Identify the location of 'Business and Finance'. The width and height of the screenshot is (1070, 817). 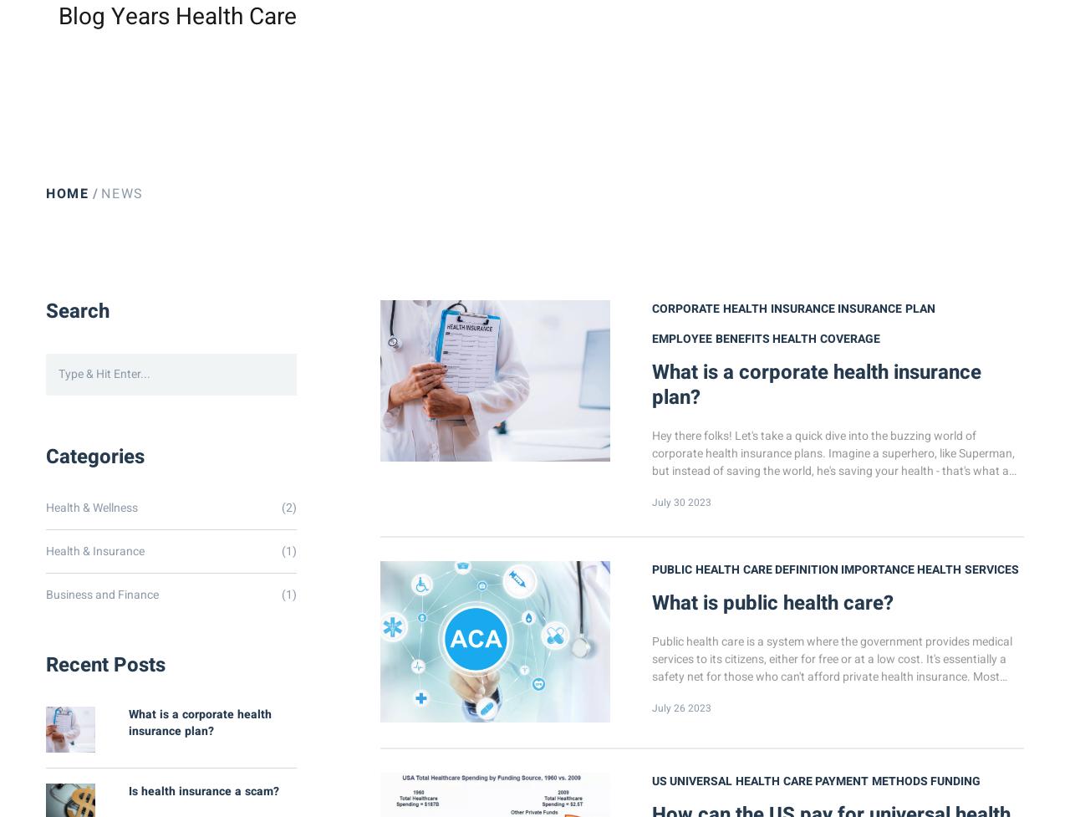
(101, 594).